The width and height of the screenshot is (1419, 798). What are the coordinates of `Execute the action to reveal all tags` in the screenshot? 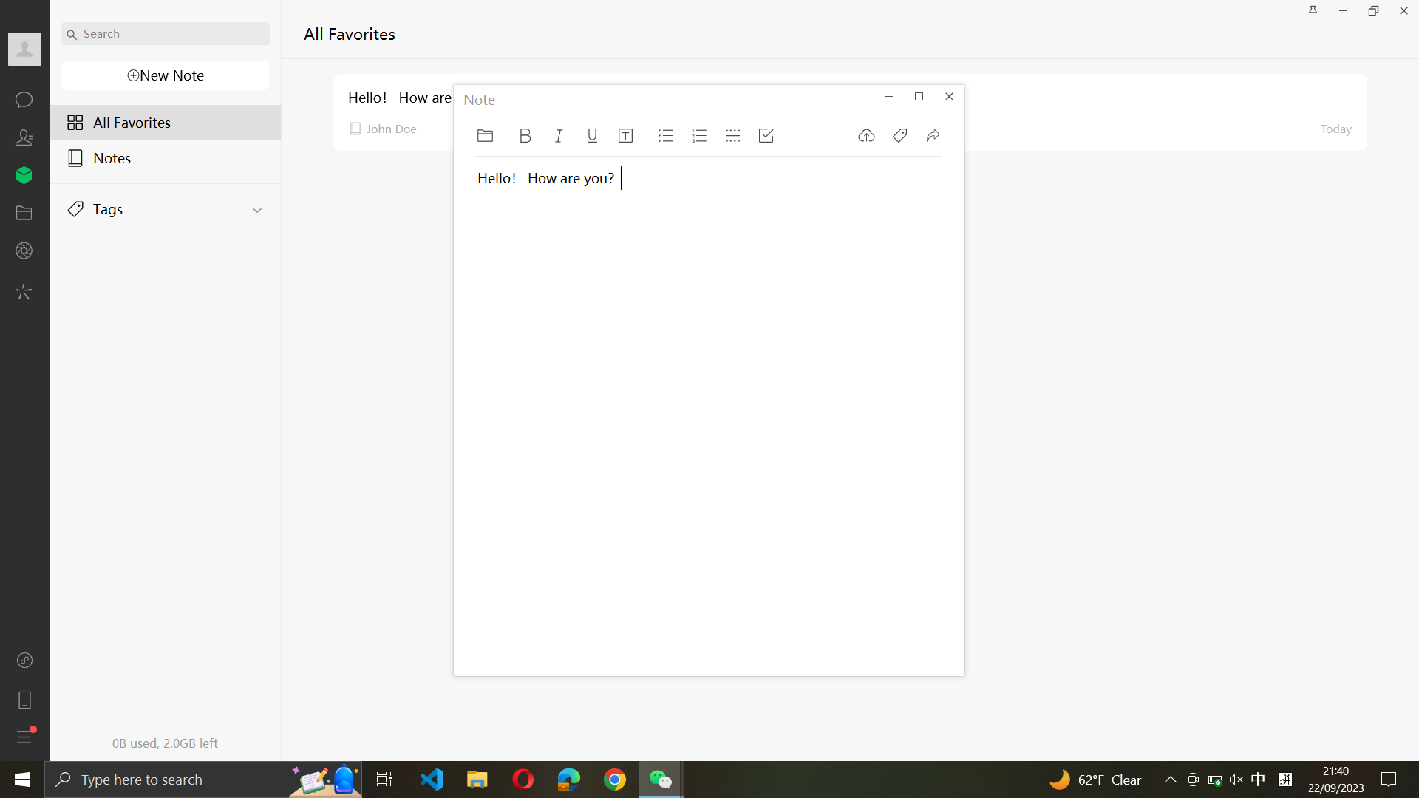 It's located at (166, 205).